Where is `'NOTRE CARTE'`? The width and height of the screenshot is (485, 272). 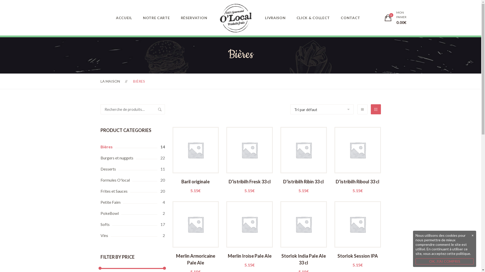 'NOTRE CARTE' is located at coordinates (156, 17).